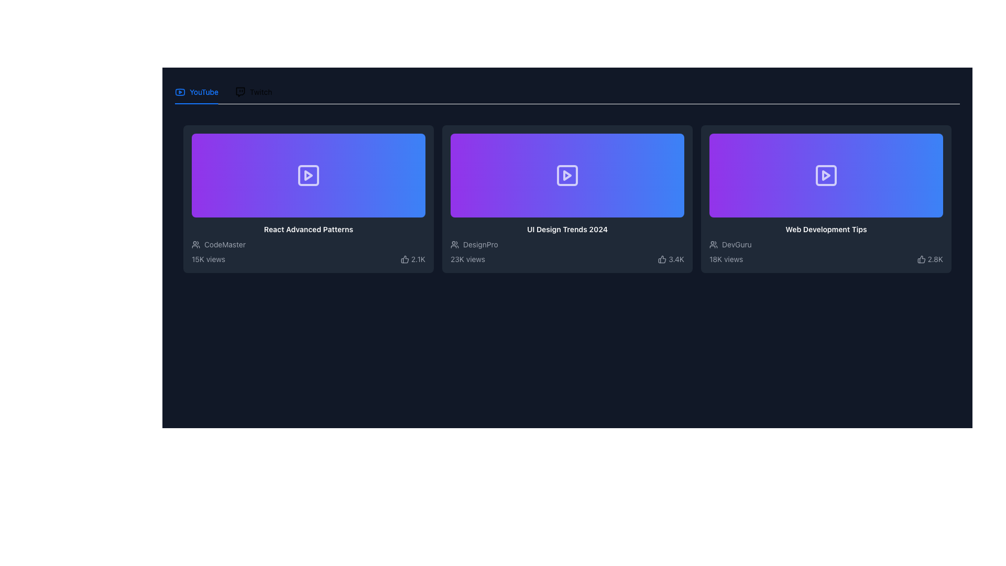 Image resolution: width=1006 pixels, height=566 pixels. I want to click on the SVG icon representing a group of people, located next to the text label 'DevGuru' in the card labeled 'Web Development Tips', so click(713, 244).